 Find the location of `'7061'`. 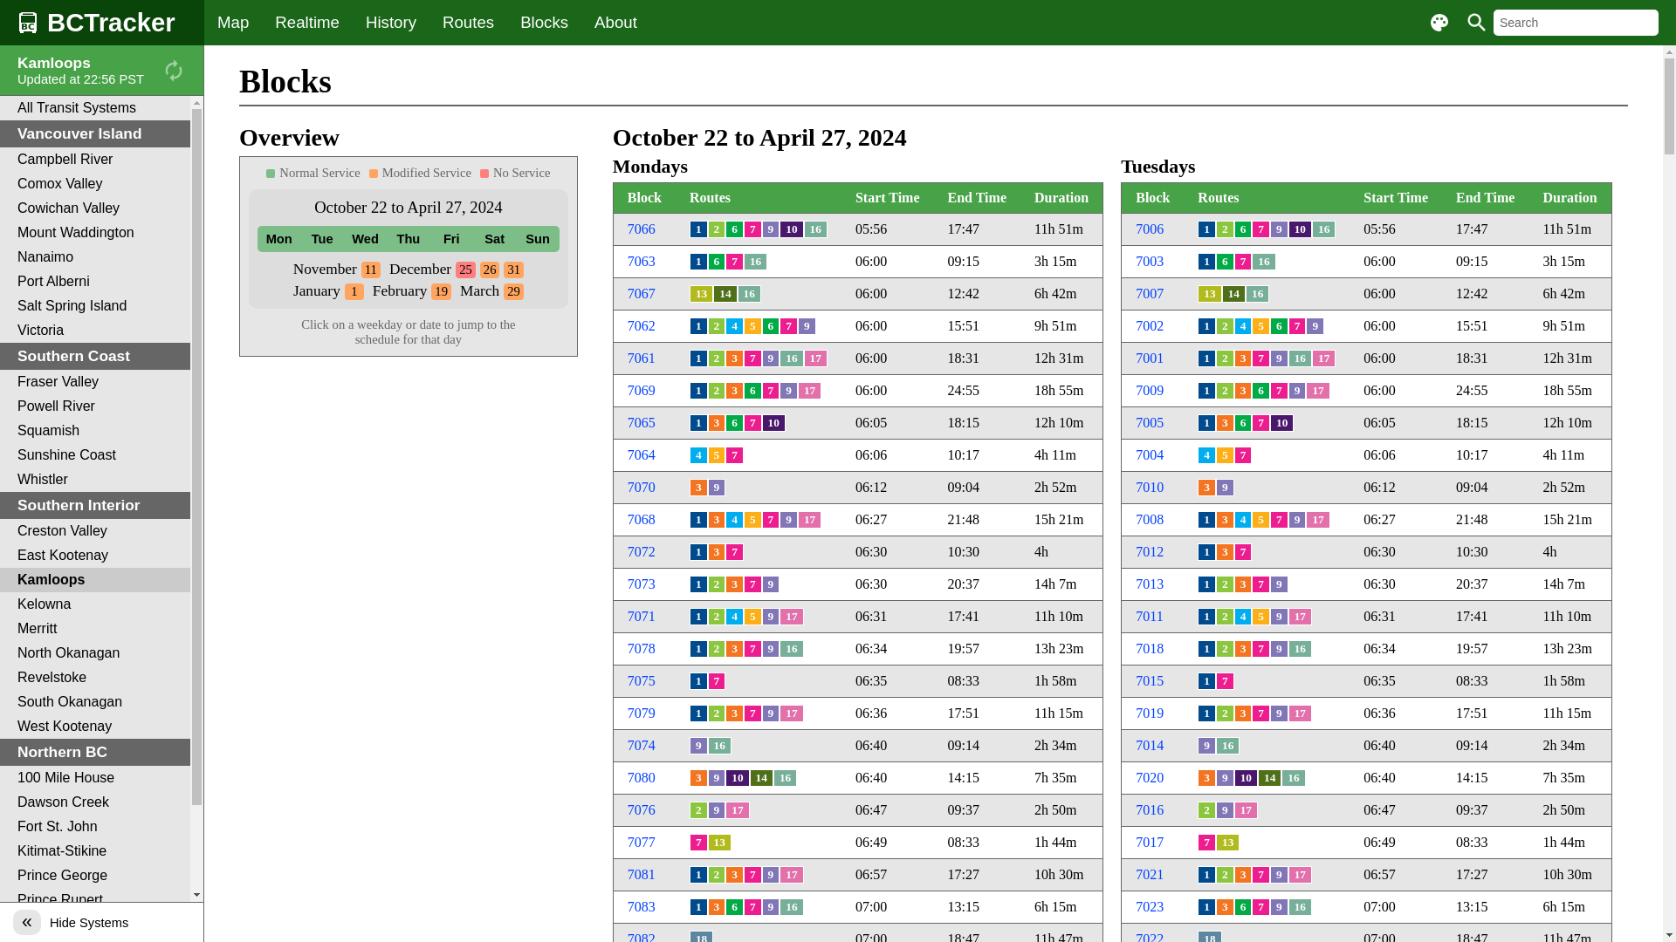

'7061' is located at coordinates (640, 357).